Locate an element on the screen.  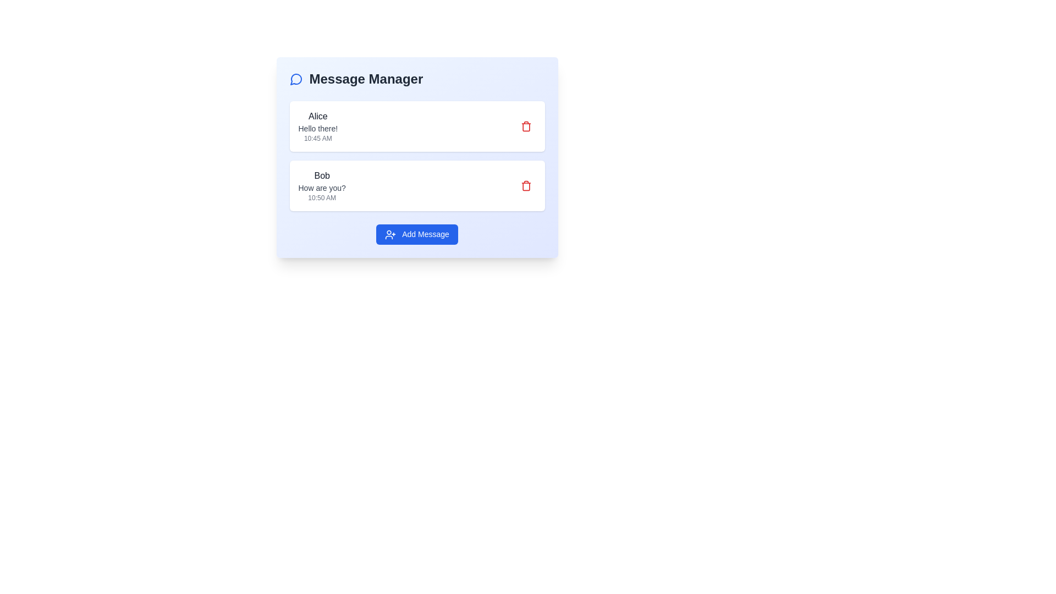
the delete button icon located in the bottom message card containing 'Bob,' aligned to the right edge near the center vertically within this card is located at coordinates (525, 185).